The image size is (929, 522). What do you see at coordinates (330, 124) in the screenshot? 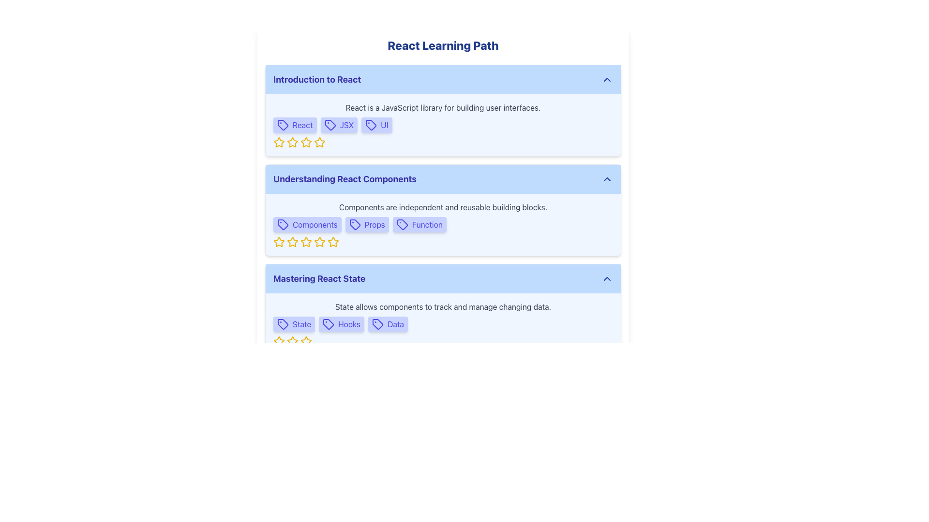
I see `the Decorative Icon, which is a tag-shaped icon with a clean outline and a small dot, located next to the React and UI tags in the 'Introduction to React' section` at bounding box center [330, 124].